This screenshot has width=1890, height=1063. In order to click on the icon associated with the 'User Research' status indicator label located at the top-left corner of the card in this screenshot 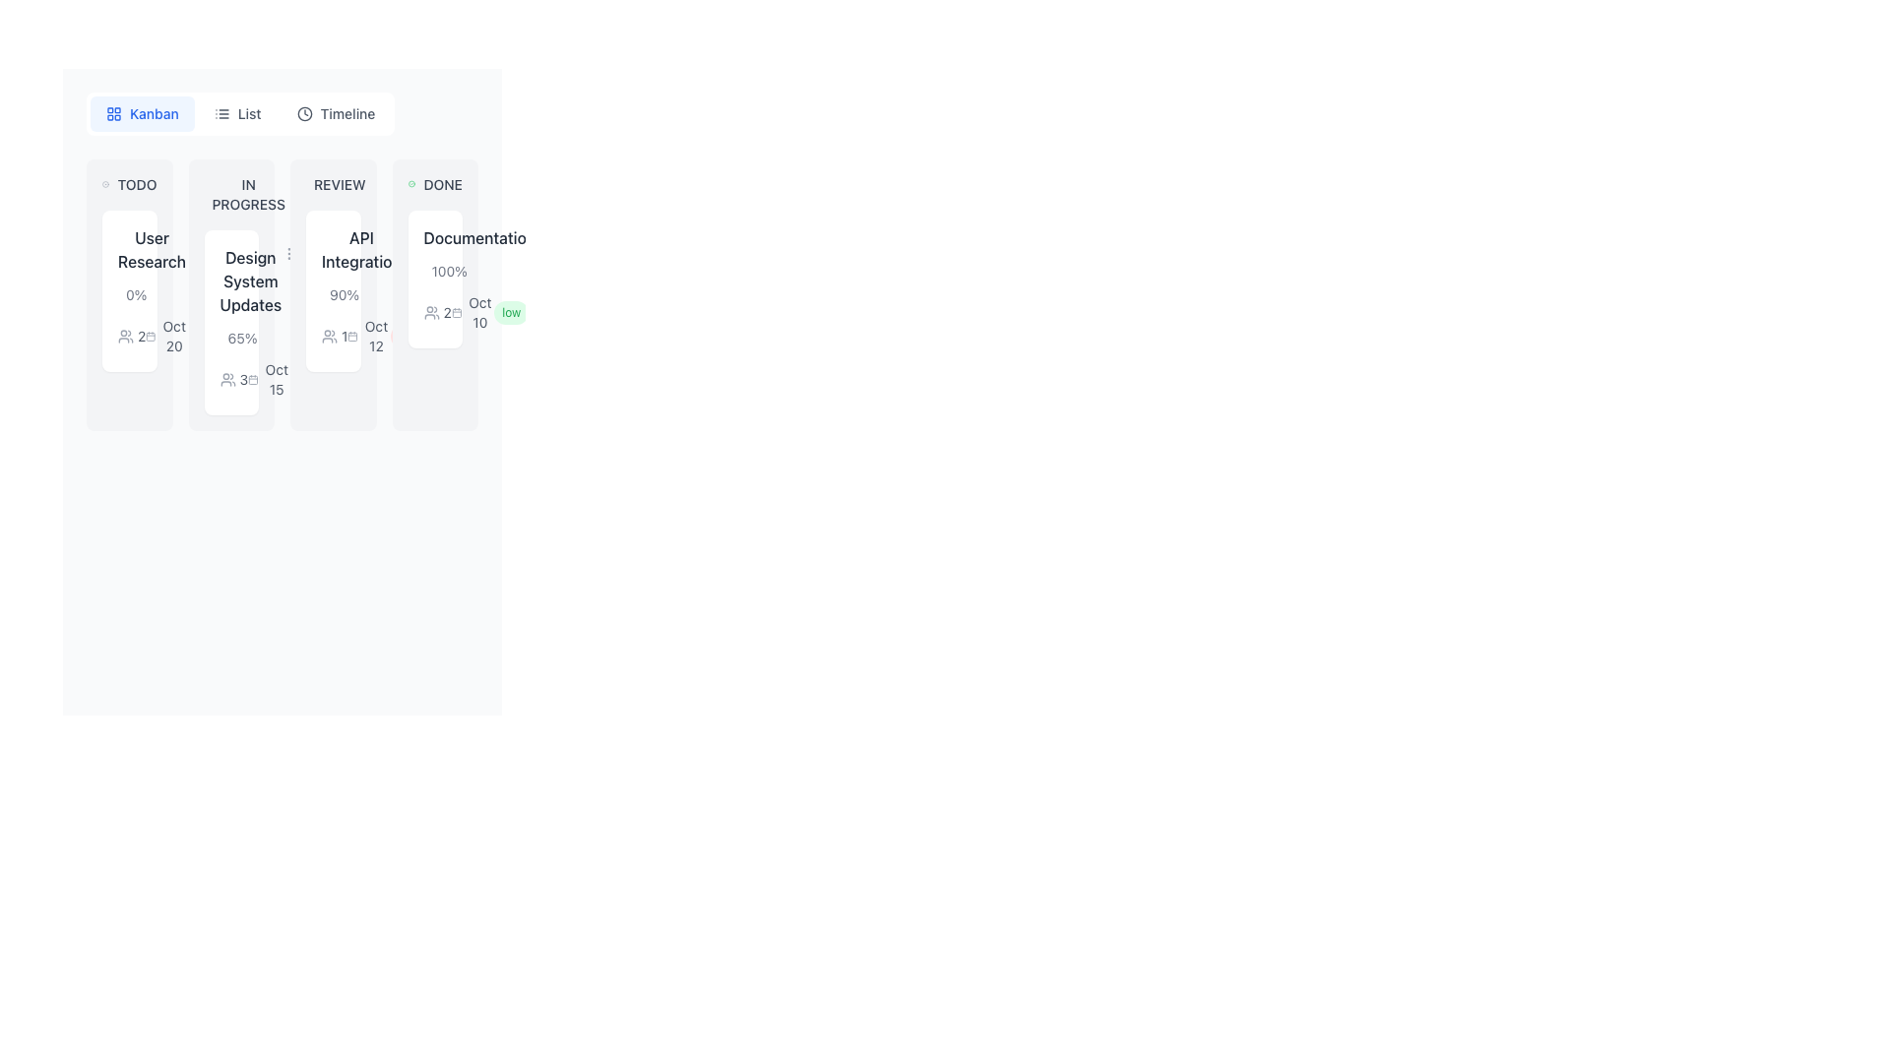, I will do `click(128, 185)`.